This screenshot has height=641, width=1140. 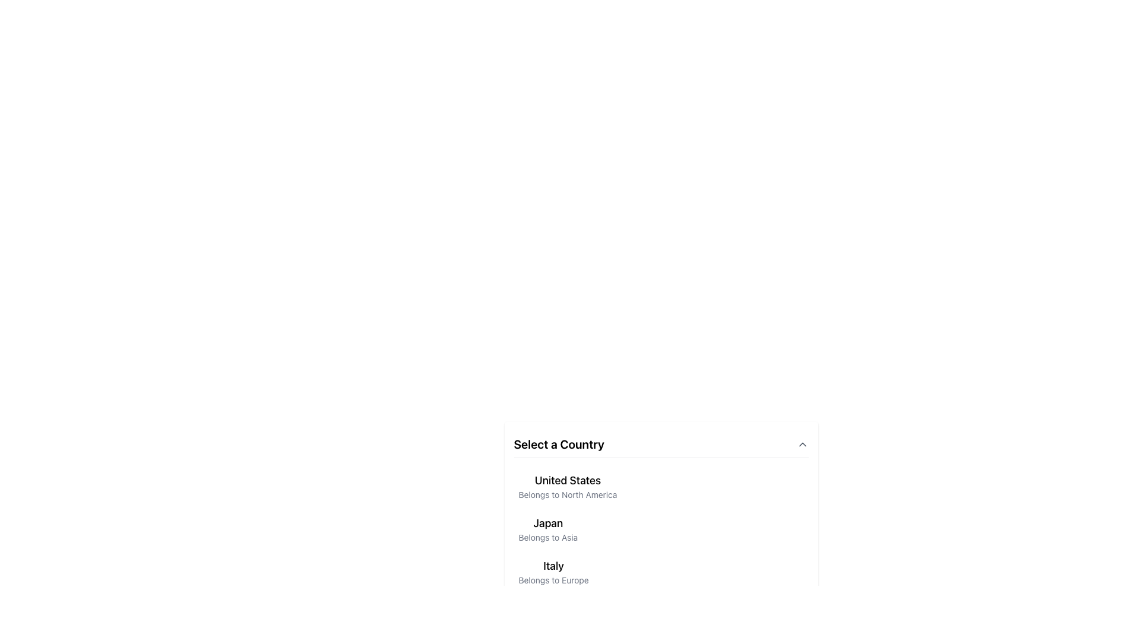 I want to click on text content of the Text Label representing the country 'United States', which is the first listing in the dropdown-style menu above 'Belongs to North America', so click(x=567, y=481).